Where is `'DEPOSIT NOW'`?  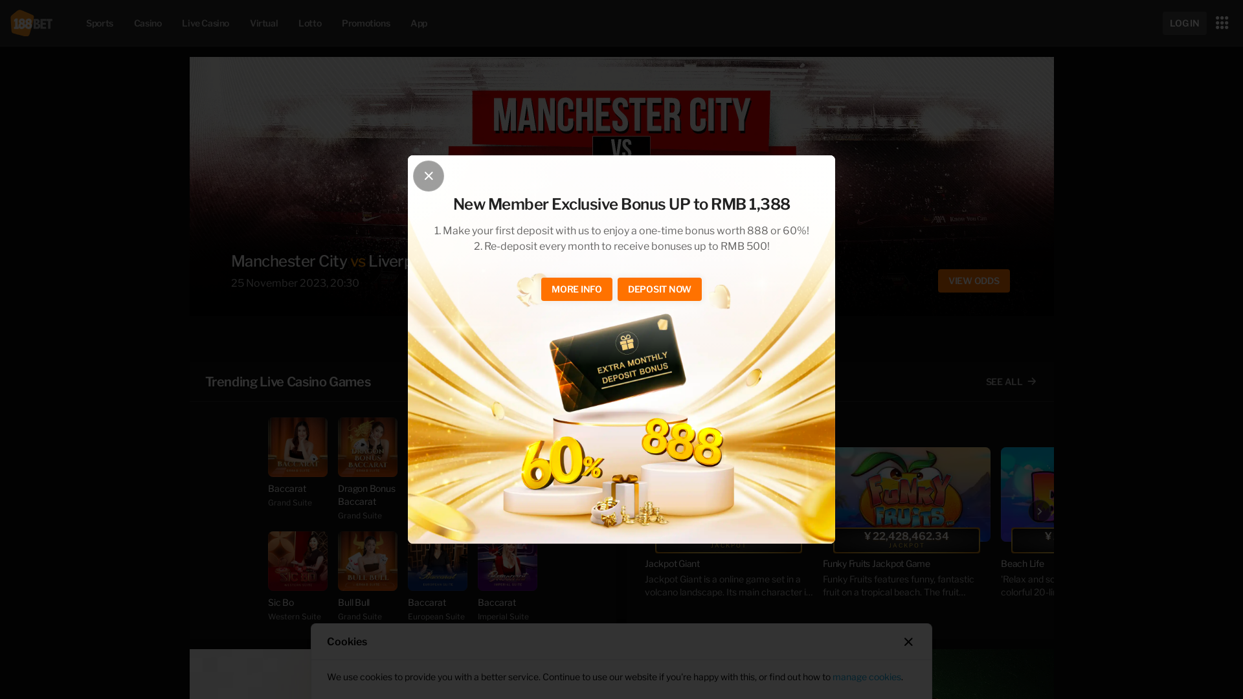
'DEPOSIT NOW' is located at coordinates (659, 289).